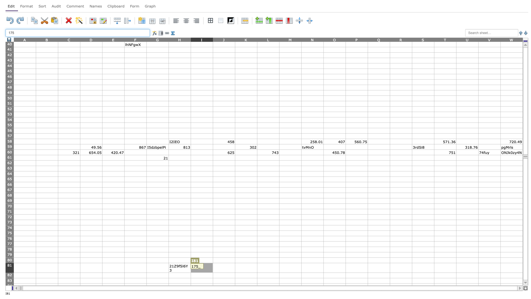 The width and height of the screenshot is (531, 299). What do you see at coordinates (235, 267) in the screenshot?
I see `Right boundary of cell J81` at bounding box center [235, 267].